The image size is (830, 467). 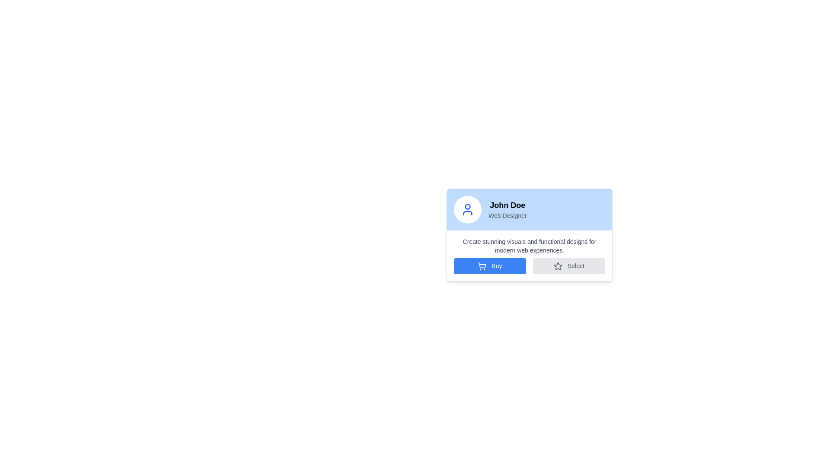 I want to click on the text element that reads 'Create stunning visuals and functional designs for modern web experiences.', styled in a small gray font, located under the header 'John Doe' within the card layout, so click(x=529, y=246).